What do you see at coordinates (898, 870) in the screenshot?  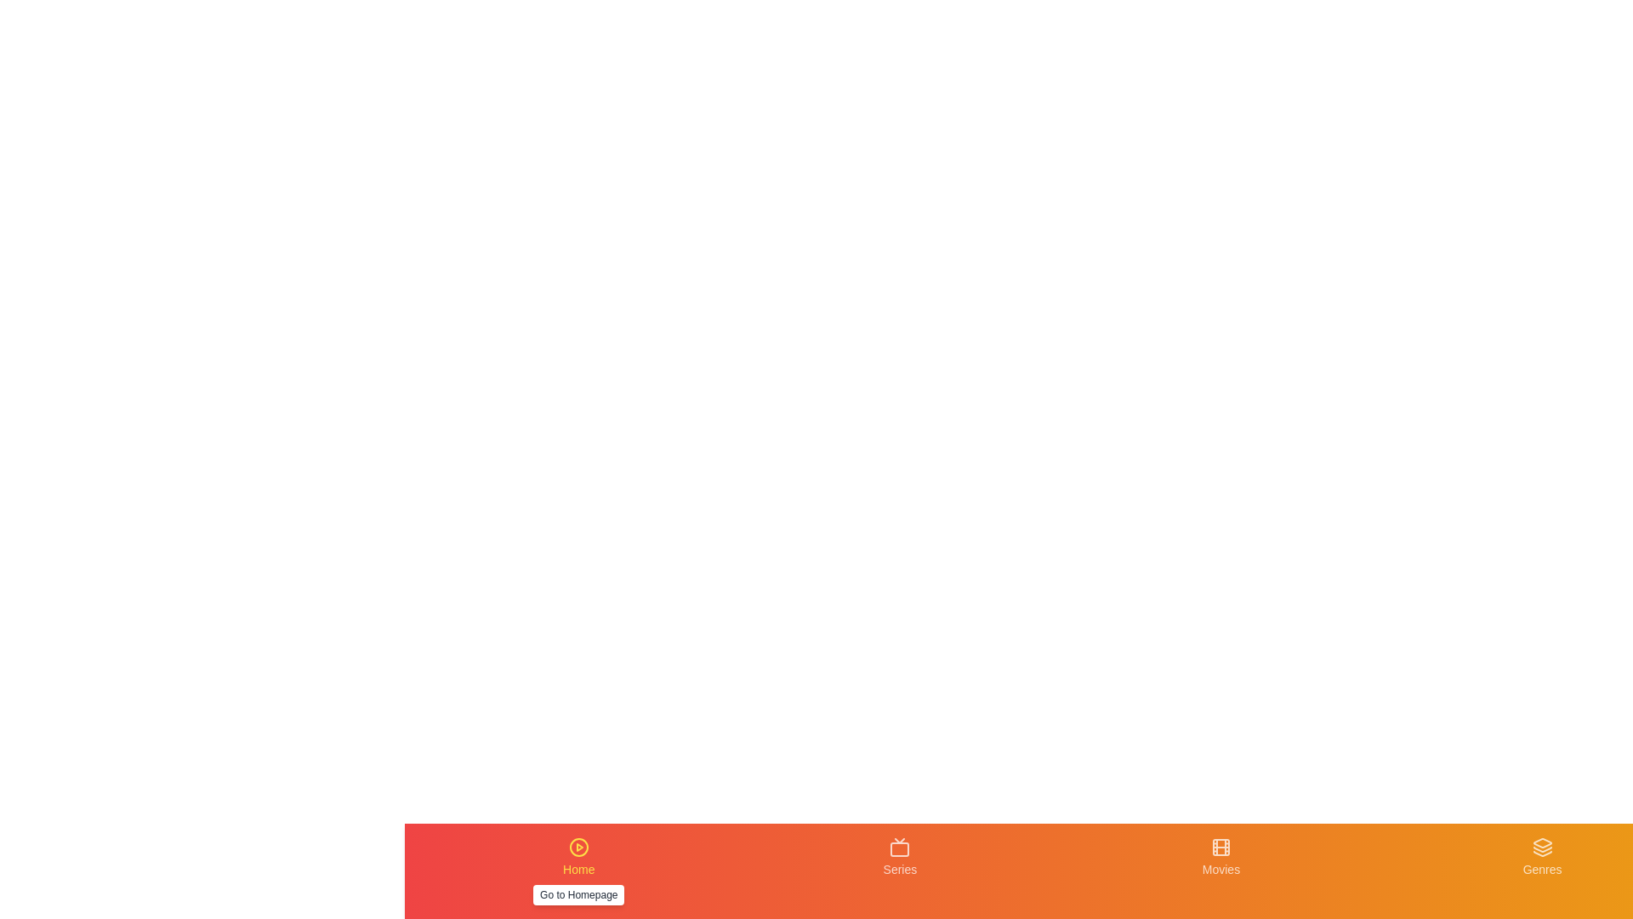 I see `the Series tab to navigate` at bounding box center [898, 870].